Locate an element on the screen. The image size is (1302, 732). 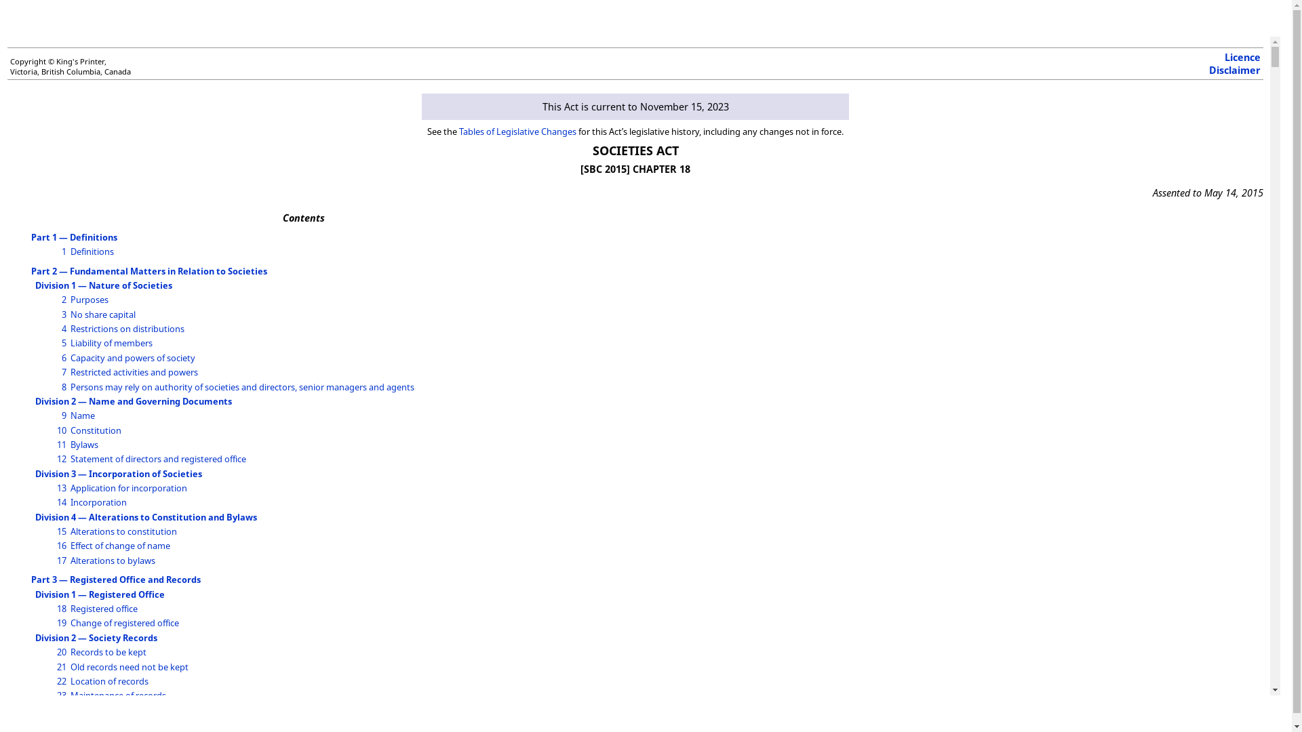
'No share capital' is located at coordinates (102, 314).